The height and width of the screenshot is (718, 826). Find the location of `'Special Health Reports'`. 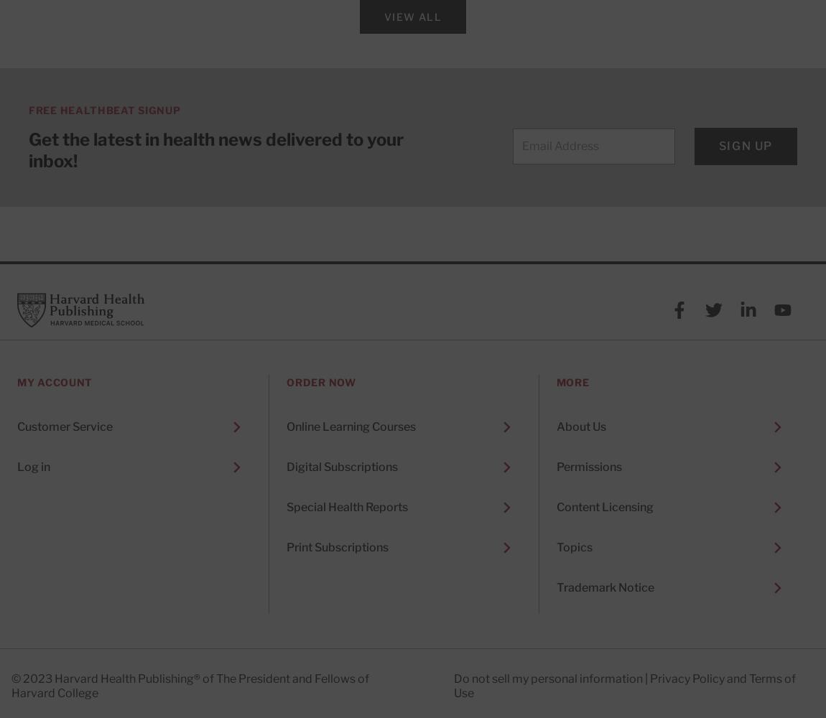

'Special Health Reports' is located at coordinates (347, 506).